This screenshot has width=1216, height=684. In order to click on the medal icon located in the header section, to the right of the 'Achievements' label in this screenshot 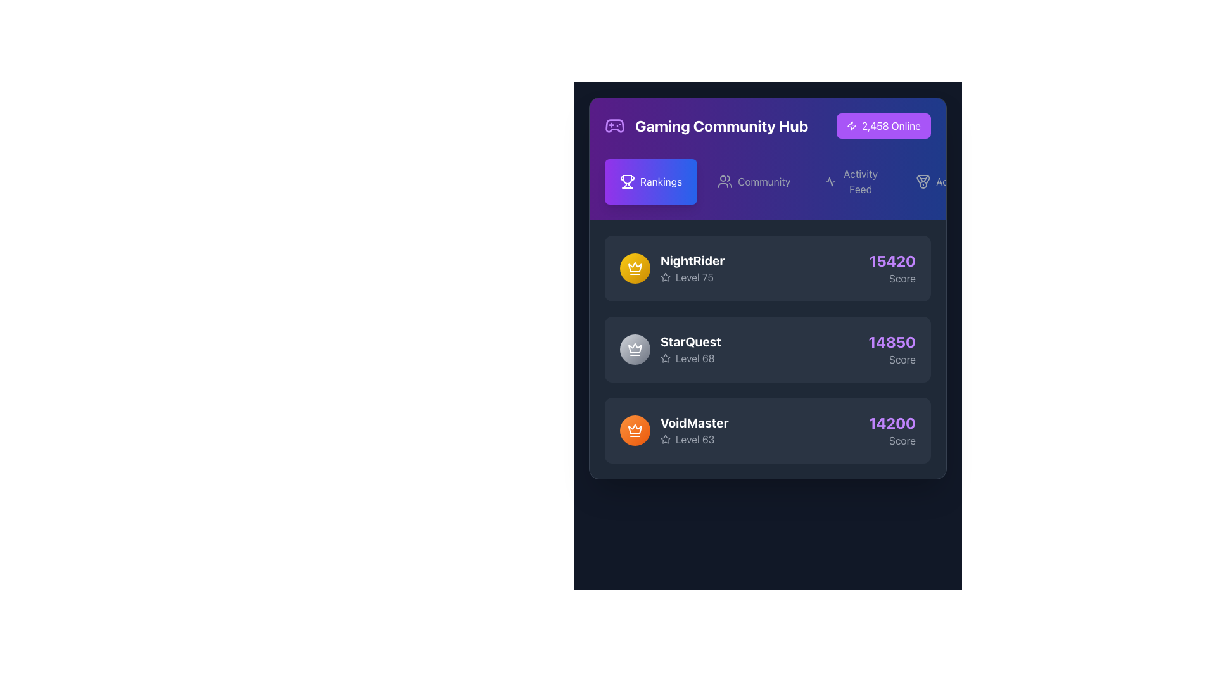, I will do `click(923, 181)`.